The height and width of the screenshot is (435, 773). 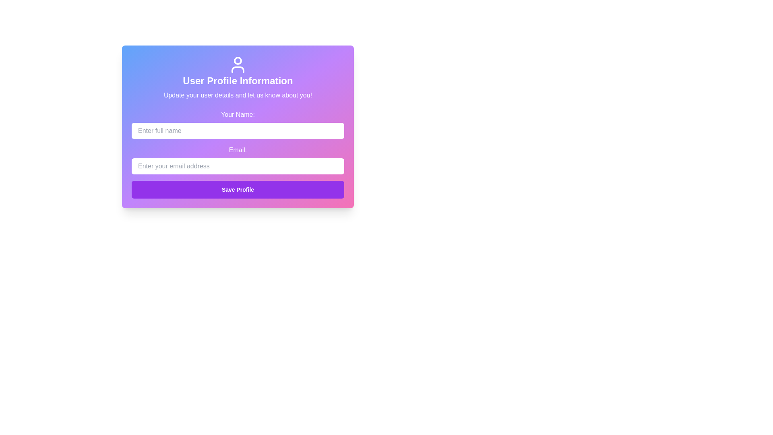 What do you see at coordinates (237, 69) in the screenshot?
I see `the bottom component of the user profile icon, which is part of its outline, located at the top of the central card` at bounding box center [237, 69].